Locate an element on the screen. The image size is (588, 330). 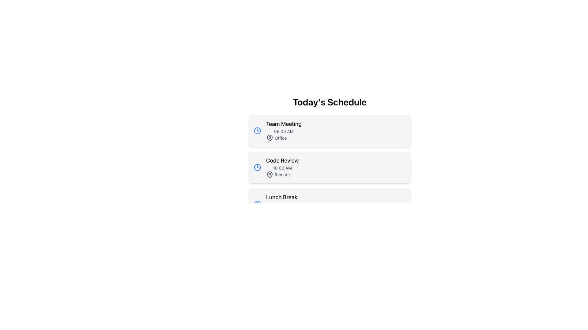
the second event card in the scheduled events section is located at coordinates (329, 167).